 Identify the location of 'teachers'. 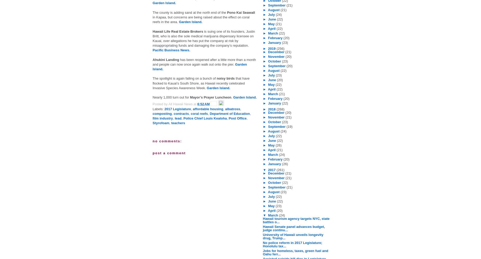
(178, 123).